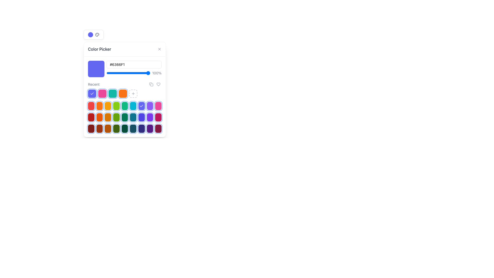 Image resolution: width=494 pixels, height=278 pixels. I want to click on the slider, so click(110, 73).